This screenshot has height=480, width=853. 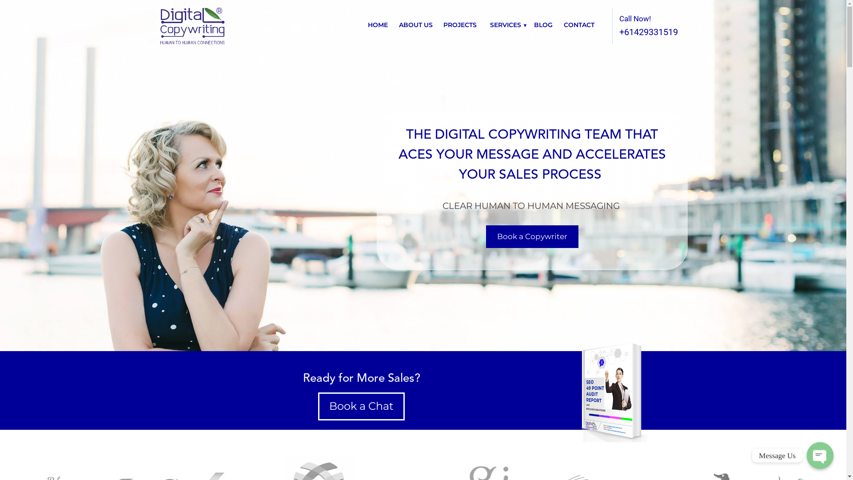 I want to click on 'imgpsh_fullsize_anim', so click(x=609, y=390).